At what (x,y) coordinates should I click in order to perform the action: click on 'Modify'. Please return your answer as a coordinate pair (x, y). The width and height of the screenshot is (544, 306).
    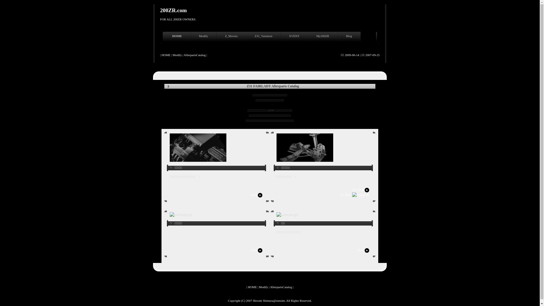
    Looking at the image, I should click on (204, 37).